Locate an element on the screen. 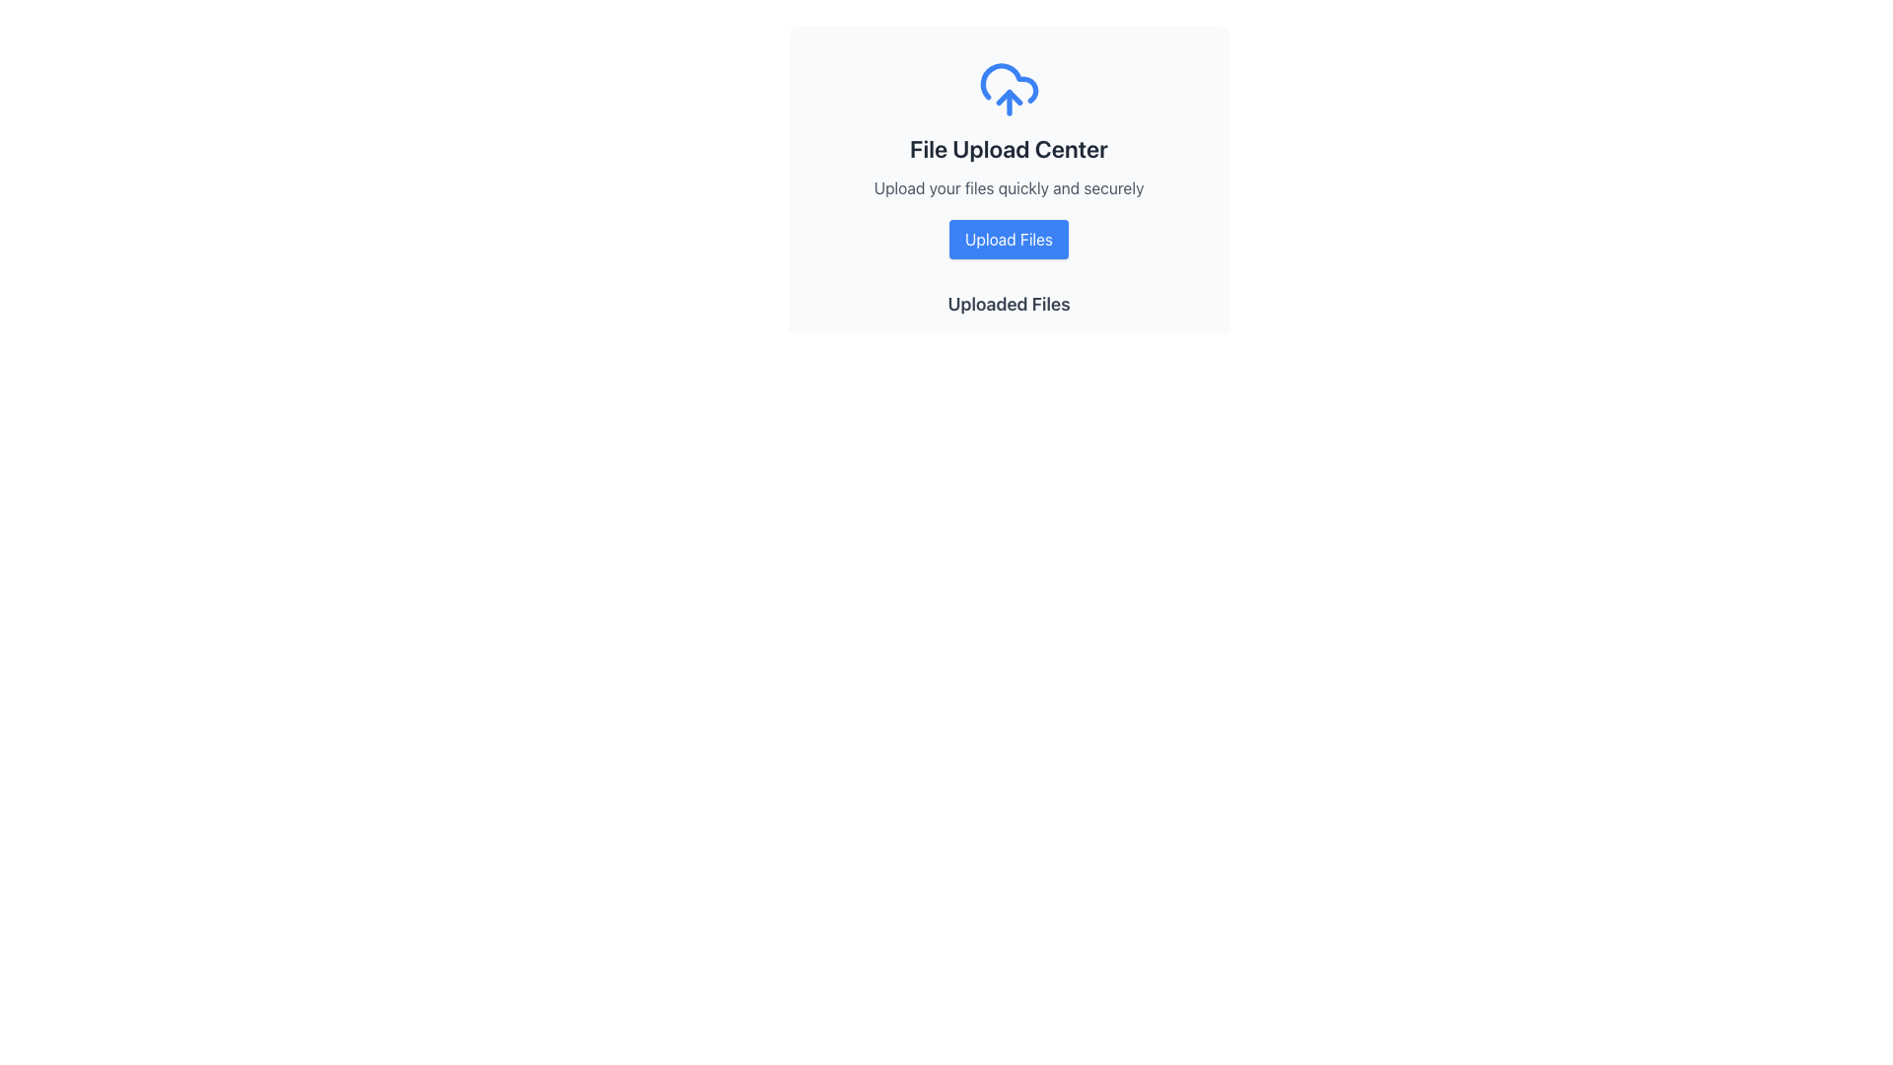 The image size is (1893, 1065). the 'Uploaded Files' label, which is styled in bold and slightly larger font on a clean white background, serving as the heading for the uploaded files section is located at coordinates (1009, 304).